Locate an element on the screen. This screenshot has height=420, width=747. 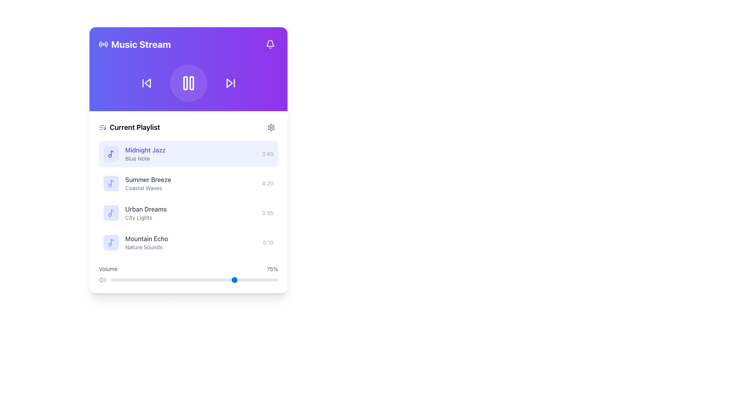
the first item in the playlist, which displays the track title, artist, and duration is located at coordinates (188, 154).